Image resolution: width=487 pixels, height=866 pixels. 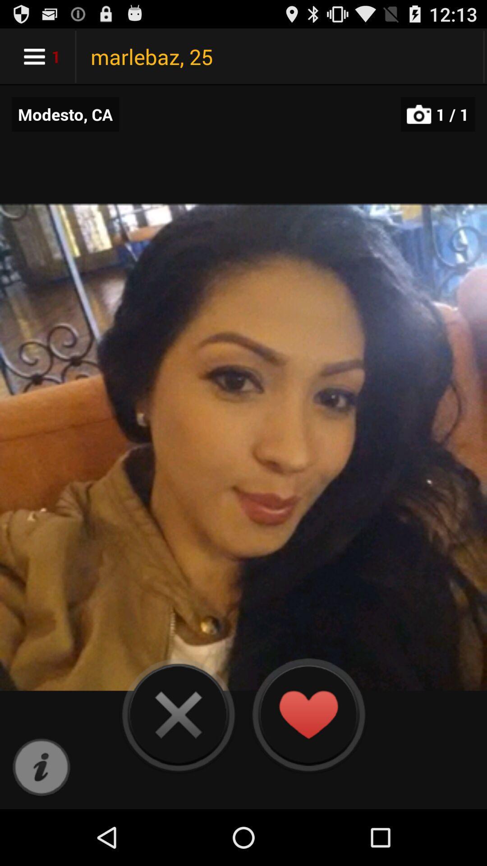 I want to click on acess help menu, so click(x=41, y=767).